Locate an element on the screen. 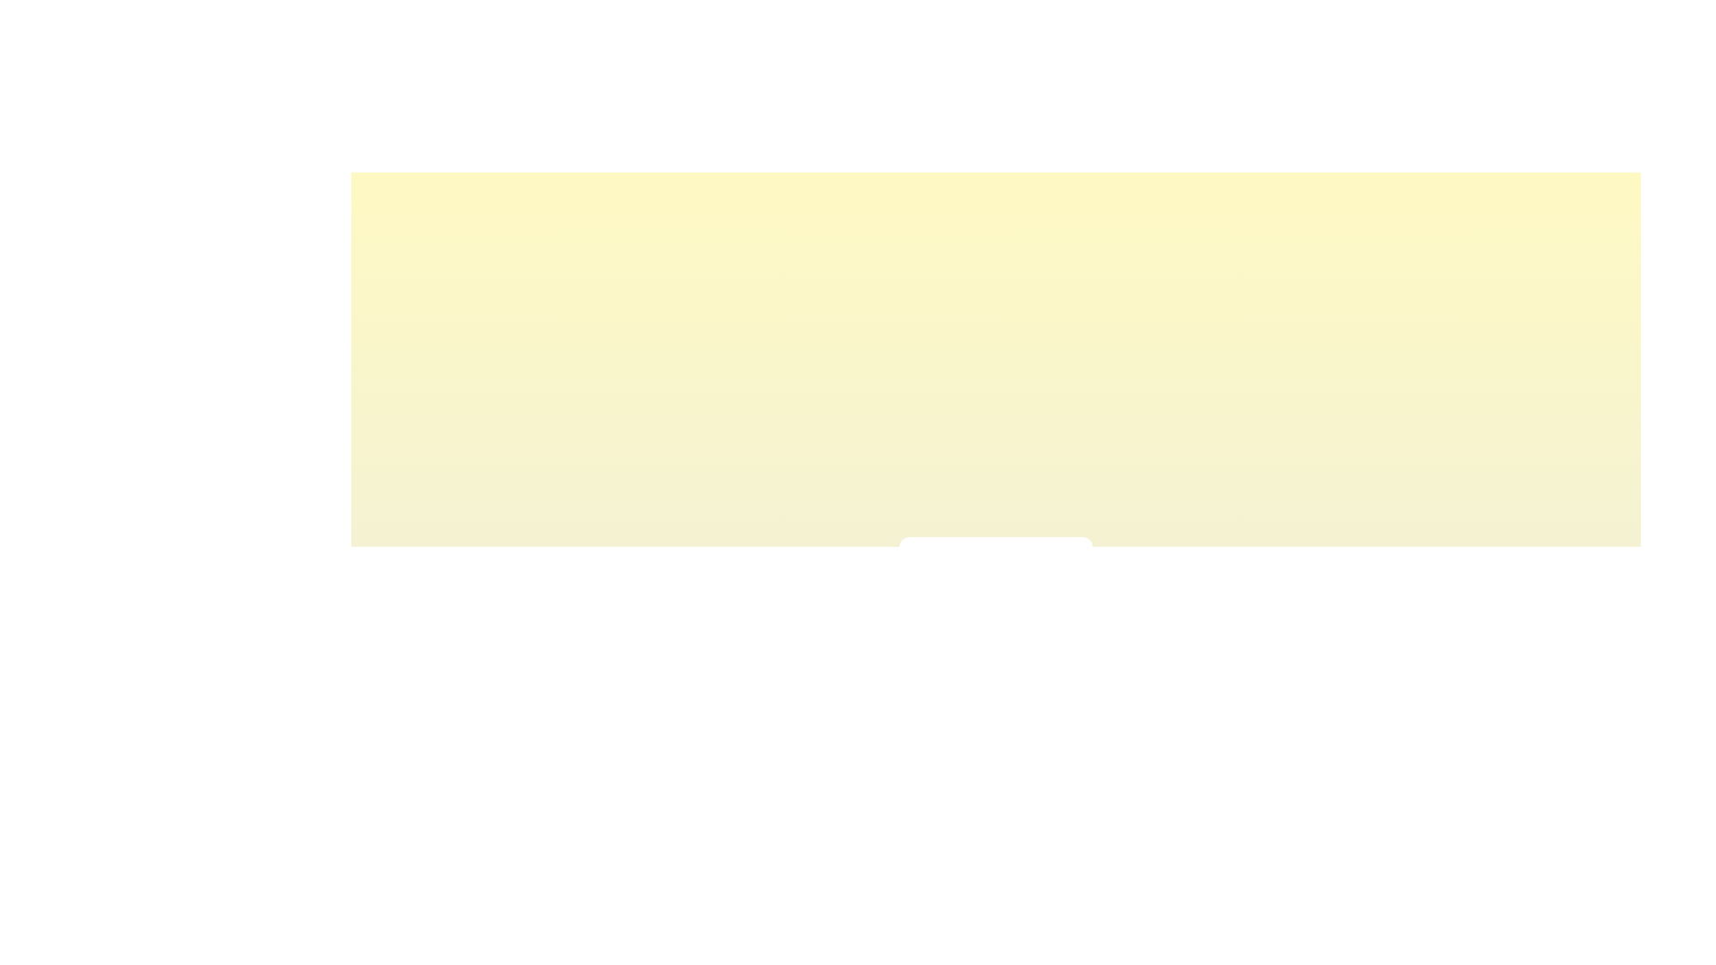 This screenshot has width=1716, height=965. the light intensity slider to 40% to observe the corresponding visual feedback color is located at coordinates (980, 604).